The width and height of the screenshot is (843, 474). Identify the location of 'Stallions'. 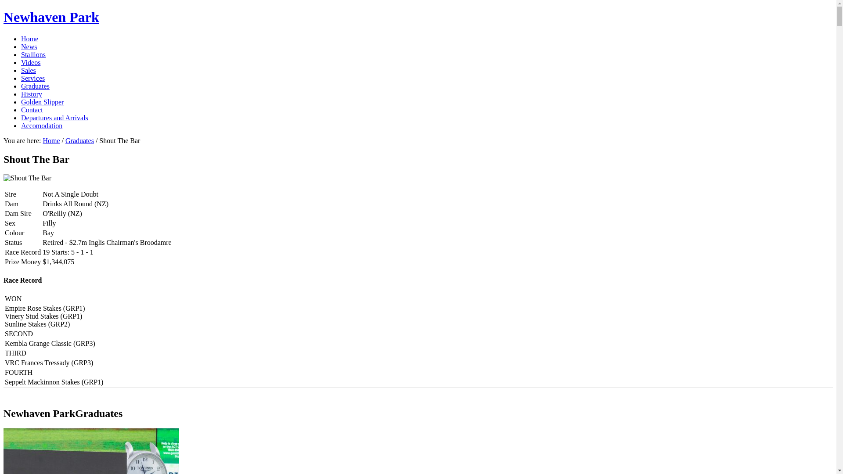
(33, 54).